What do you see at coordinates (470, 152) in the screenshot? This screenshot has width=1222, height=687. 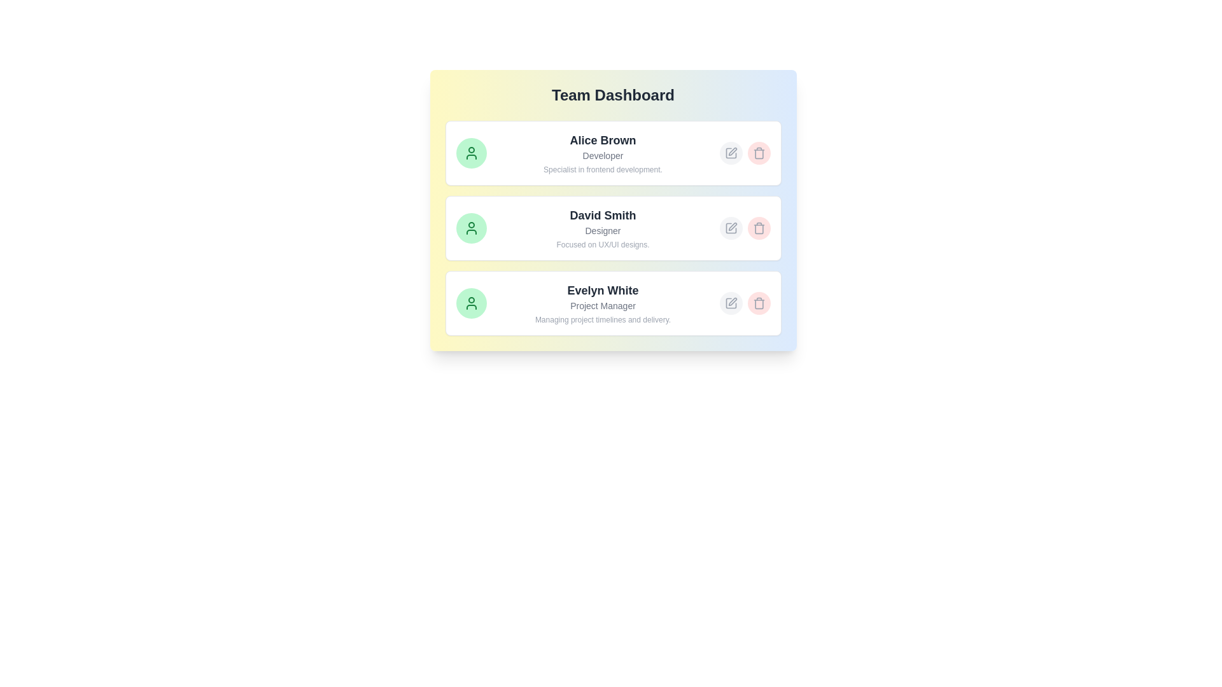 I see `the User avatar icon, which is a small circular light green icon with a user silhouette, located at the left end of the card displaying information about 'Alice Brown'` at bounding box center [470, 152].